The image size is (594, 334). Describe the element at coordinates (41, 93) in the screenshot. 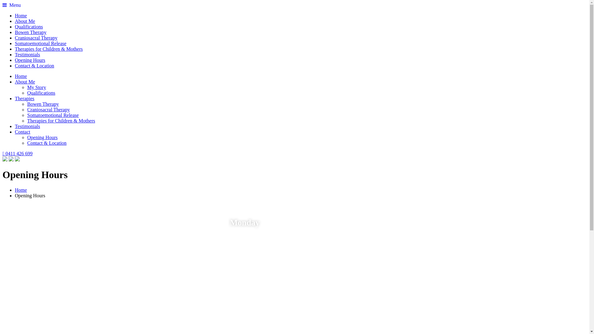

I see `'Qualifications'` at that location.